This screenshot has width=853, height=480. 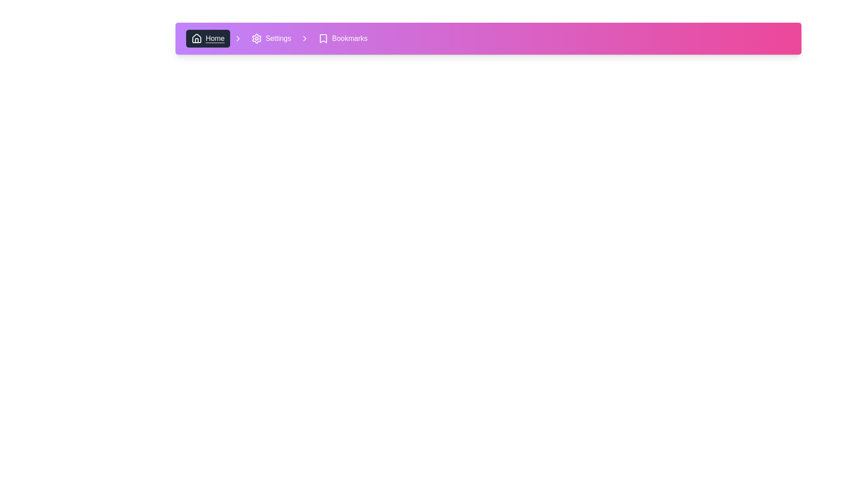 I want to click on the right-pointing chevron arrow icon in the breadcrumb navigation bar, located between the 'Home' button and 'Settings', so click(x=304, y=38).